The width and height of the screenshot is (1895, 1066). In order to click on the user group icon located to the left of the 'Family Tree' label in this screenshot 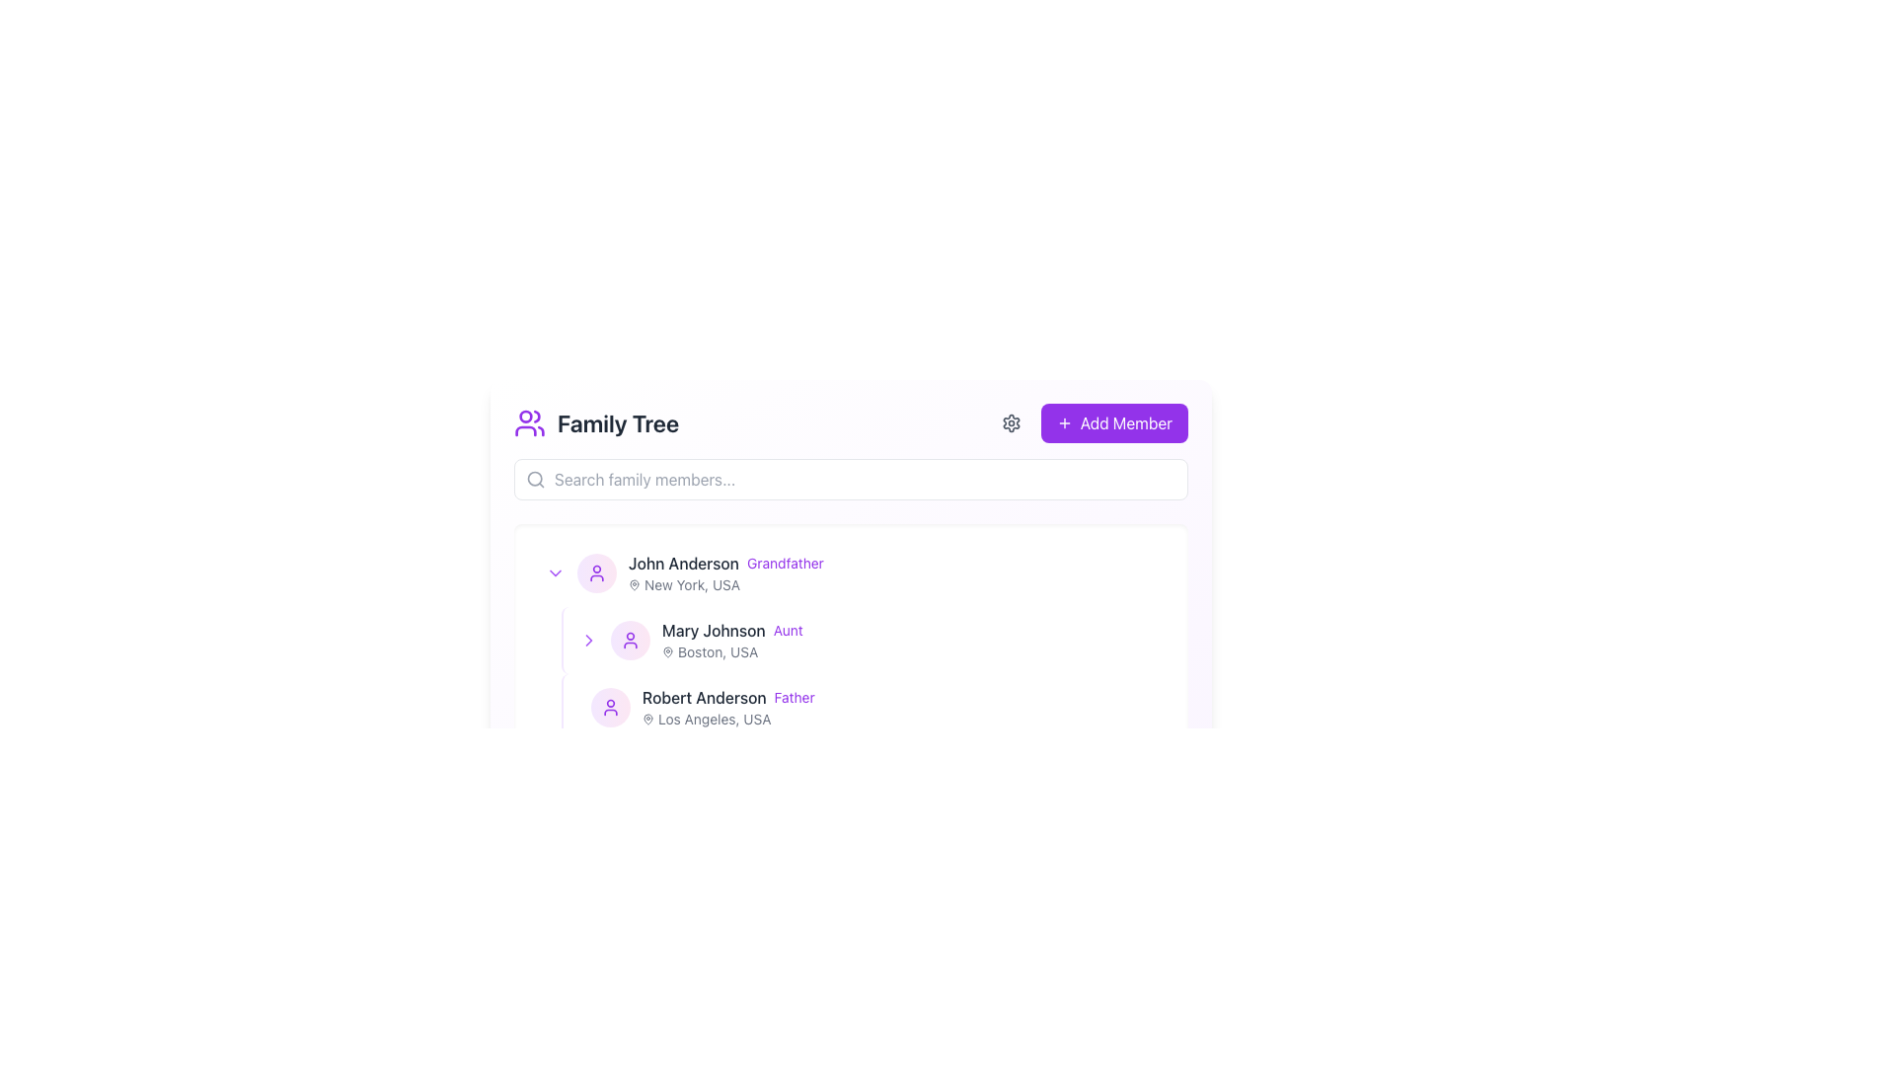, I will do `click(530, 421)`.